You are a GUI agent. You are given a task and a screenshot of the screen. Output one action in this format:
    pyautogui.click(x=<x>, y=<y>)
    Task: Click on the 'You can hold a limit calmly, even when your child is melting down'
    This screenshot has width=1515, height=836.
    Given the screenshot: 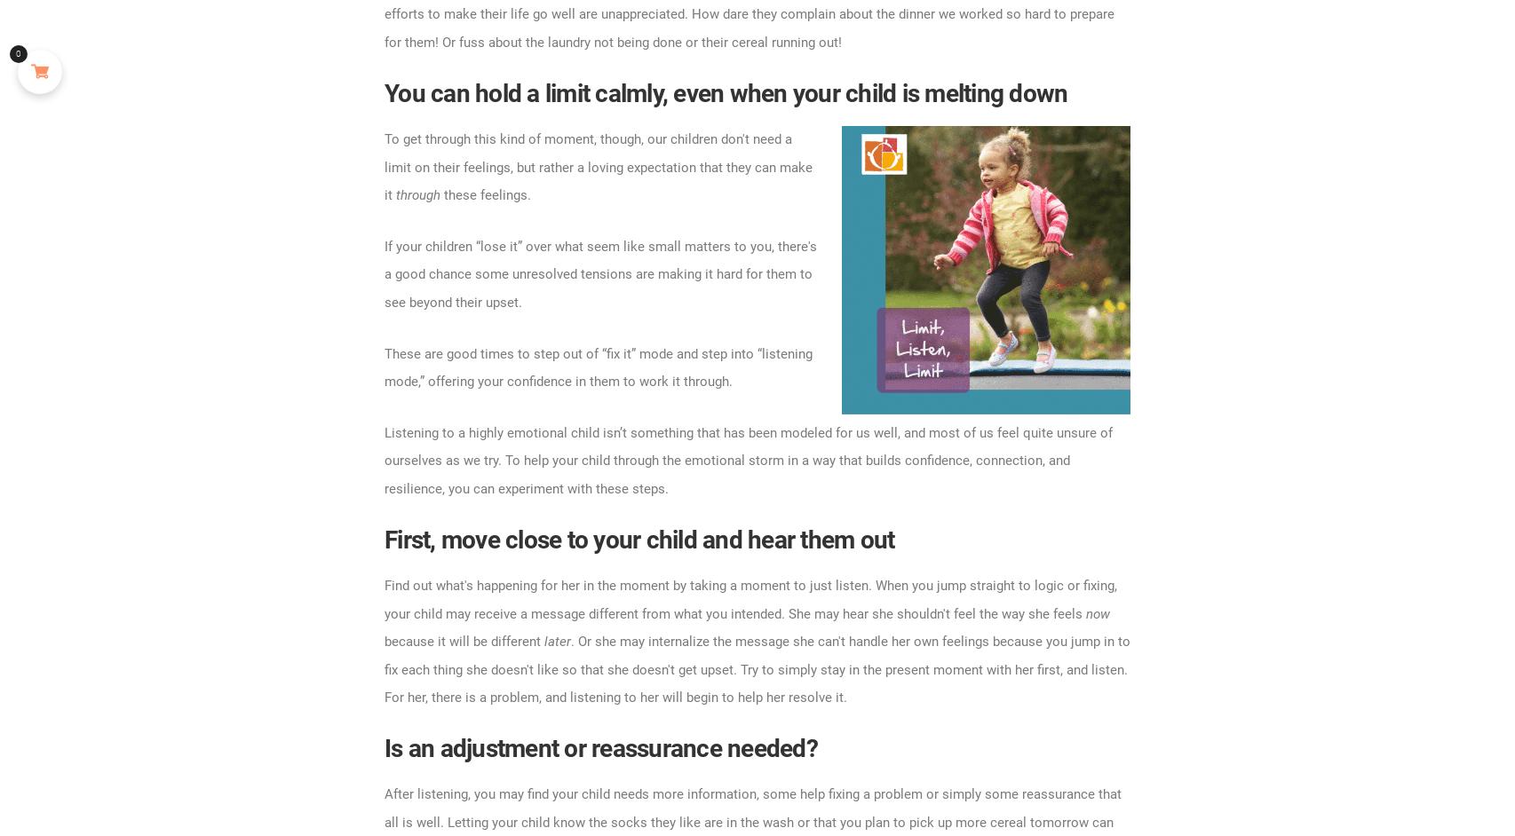 What is the action you would take?
    pyautogui.click(x=383, y=92)
    